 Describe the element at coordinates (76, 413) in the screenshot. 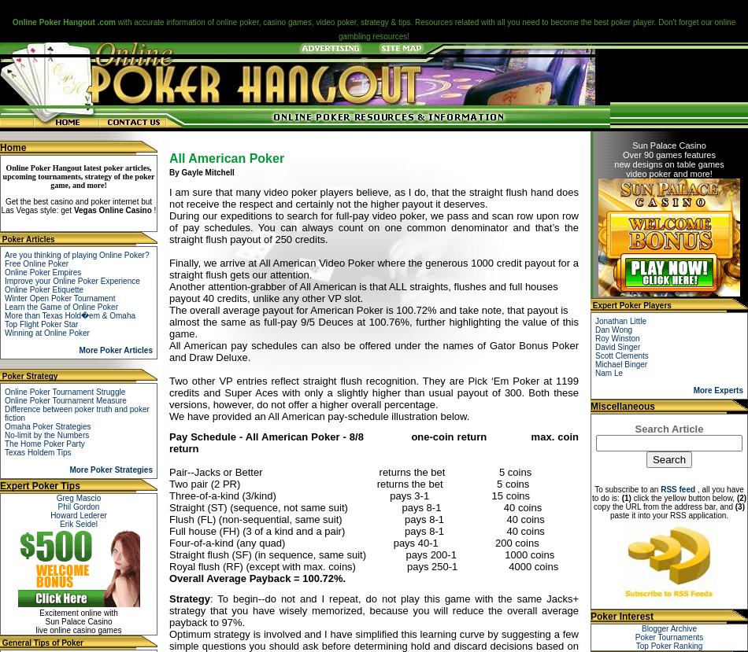

I see `'Difference between poker truth and poker fiction'` at that location.